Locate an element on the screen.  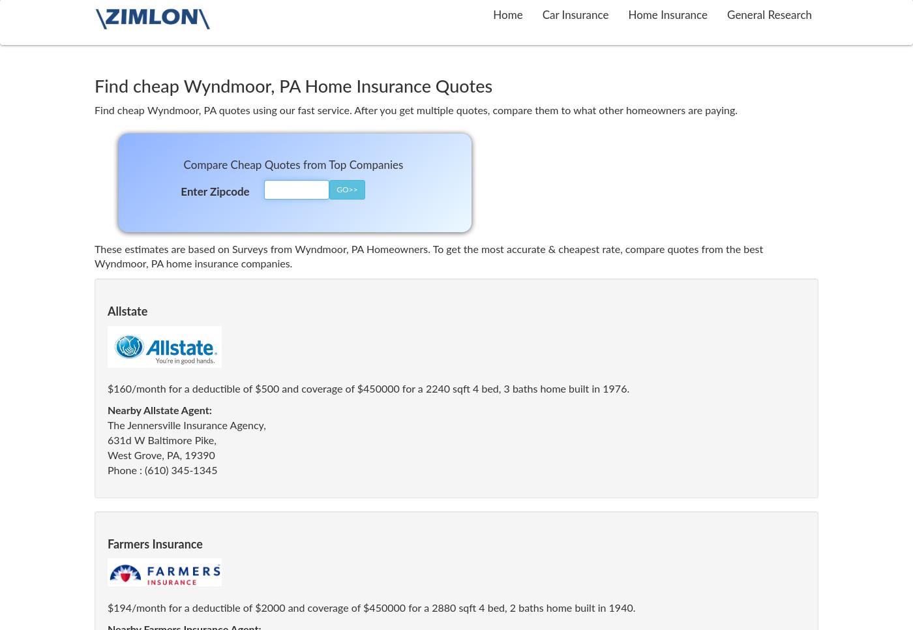
'Home Insurance' is located at coordinates (667, 14).